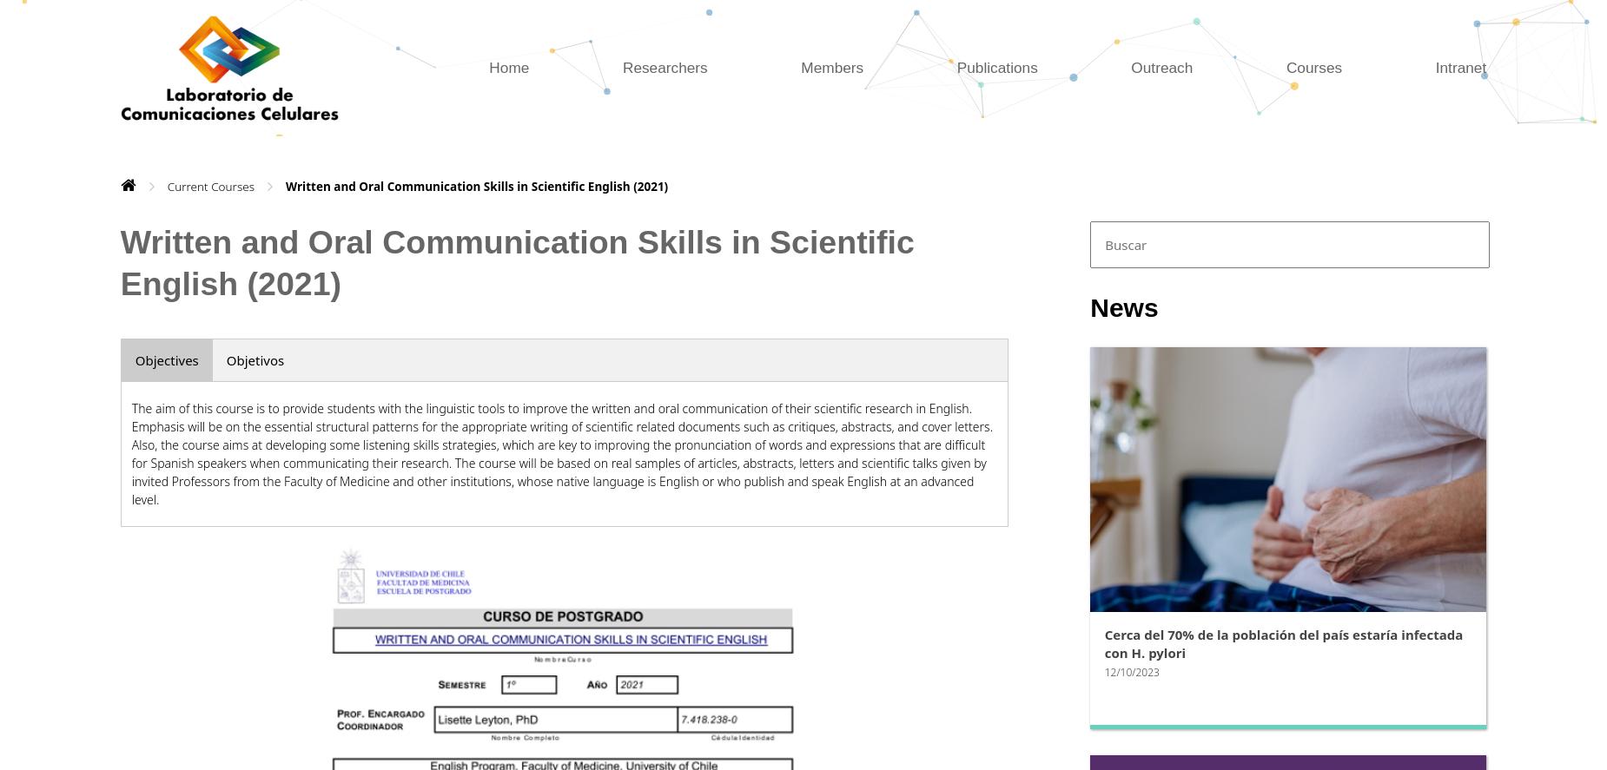 The height and width of the screenshot is (770, 1607). What do you see at coordinates (830, 66) in the screenshot?
I see `'Members'` at bounding box center [830, 66].